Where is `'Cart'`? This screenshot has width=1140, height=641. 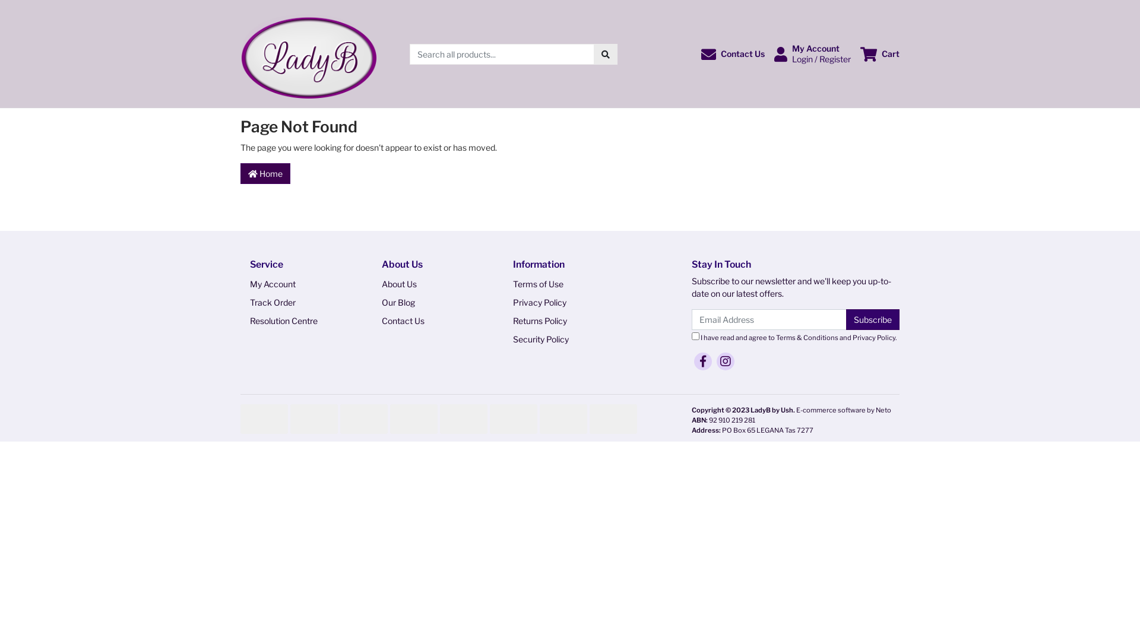 'Cart' is located at coordinates (880, 53).